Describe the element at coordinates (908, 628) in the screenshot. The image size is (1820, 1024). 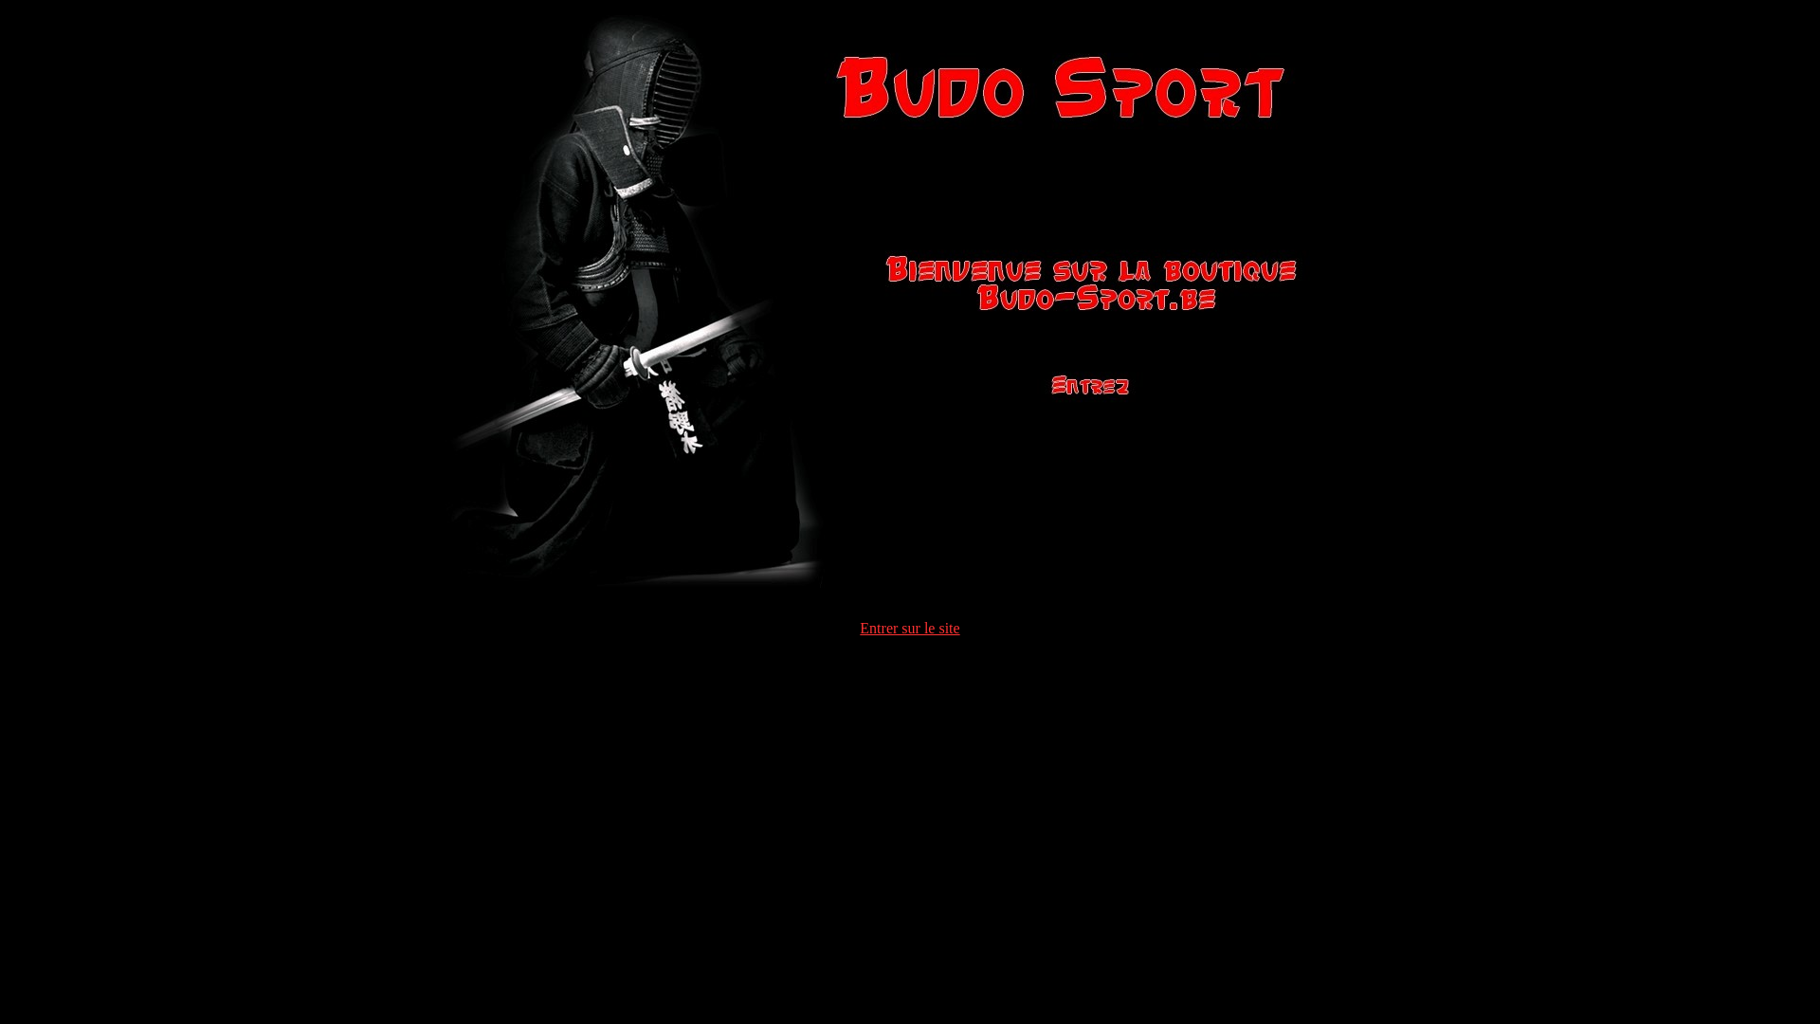
I see `'Entrer sur le site'` at that location.